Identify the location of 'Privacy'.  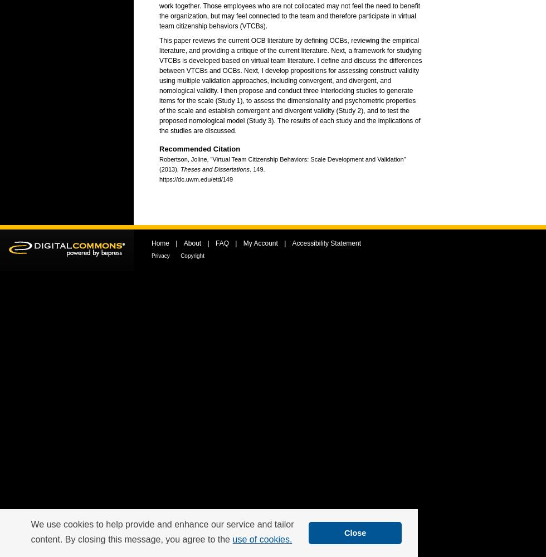
(160, 255).